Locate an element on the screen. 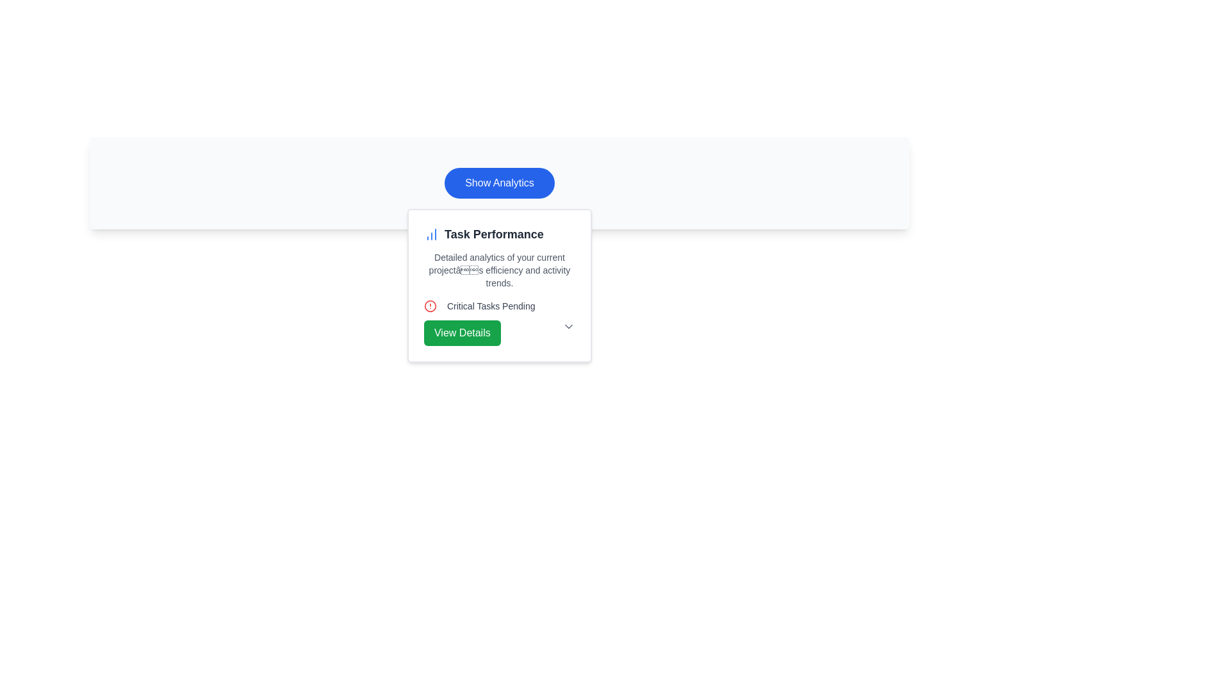 This screenshot has height=692, width=1230. text content displayed in the Text Display element located under the 'Task Performance' heading and above 'Critical Tasks Pending' is located at coordinates (498, 269).